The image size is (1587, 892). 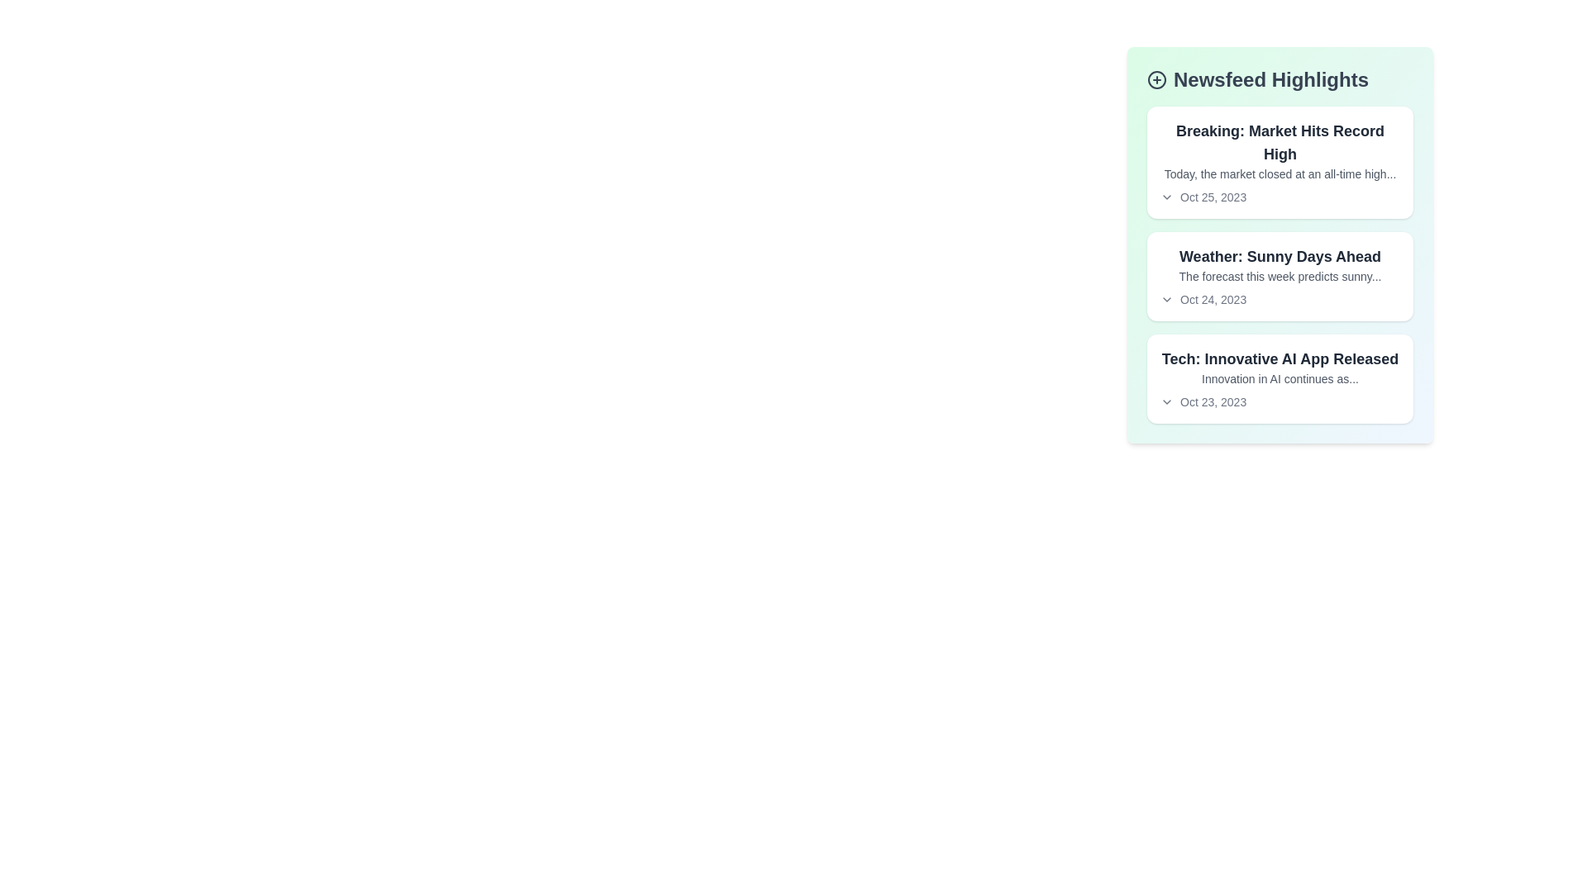 I want to click on the arrow icon to toggle the details of the article titled 'Breaking: Market Hits Record High', so click(x=1165, y=197).